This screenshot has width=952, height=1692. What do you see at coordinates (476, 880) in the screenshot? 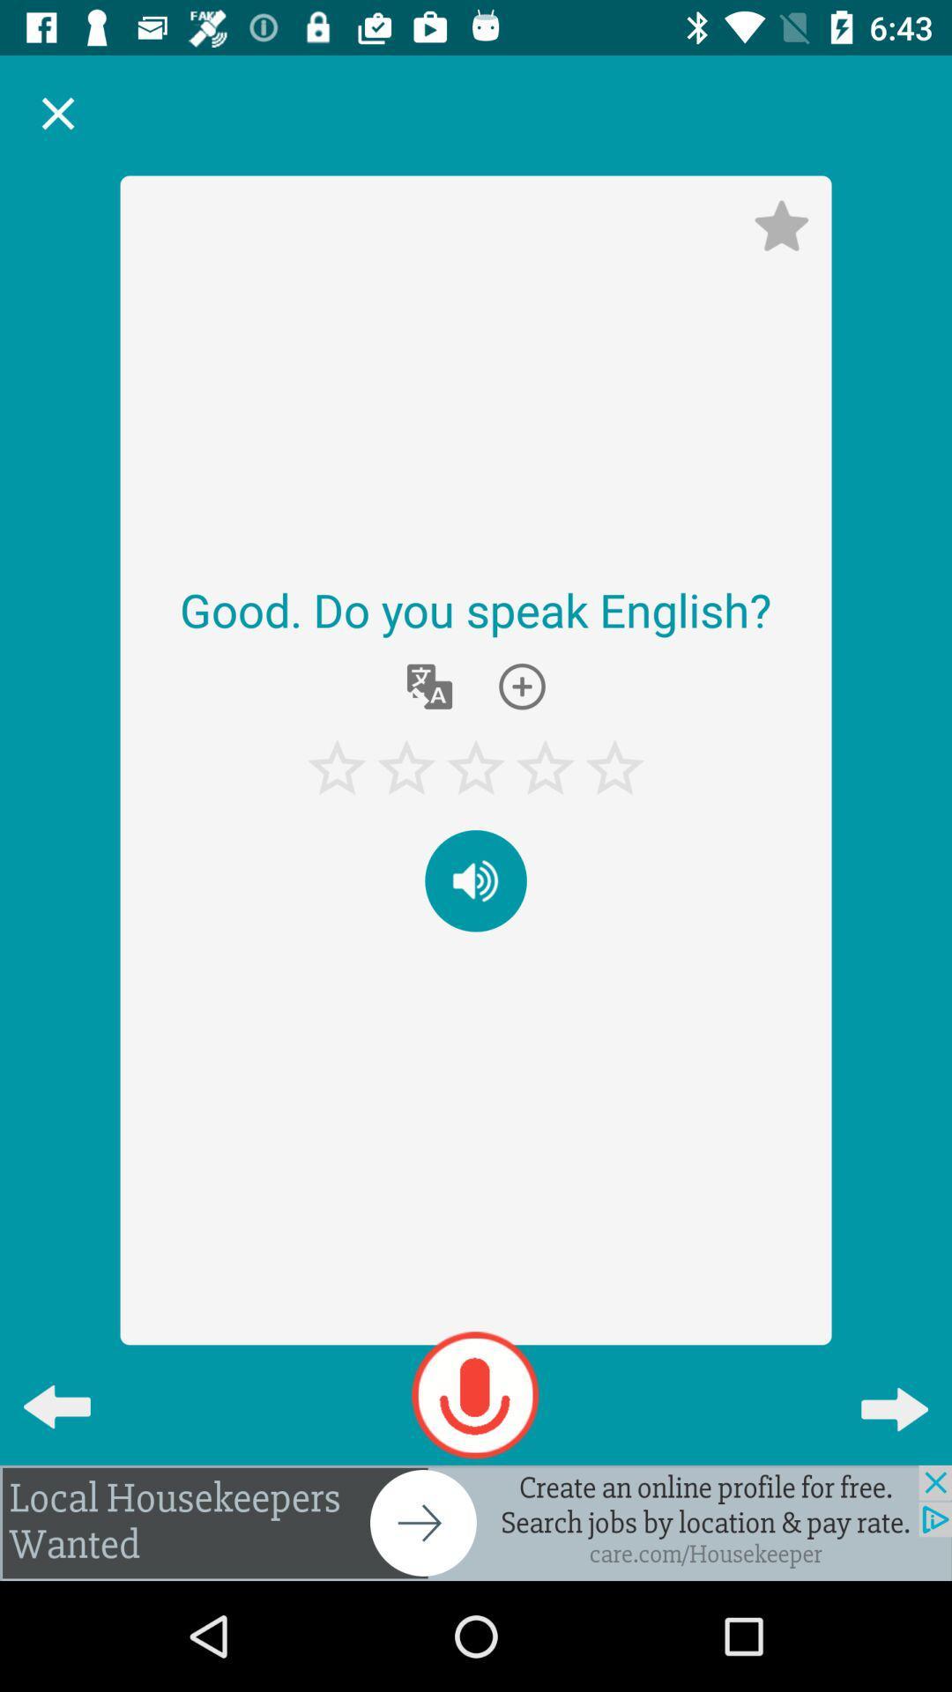
I see `the volume icon` at bounding box center [476, 880].